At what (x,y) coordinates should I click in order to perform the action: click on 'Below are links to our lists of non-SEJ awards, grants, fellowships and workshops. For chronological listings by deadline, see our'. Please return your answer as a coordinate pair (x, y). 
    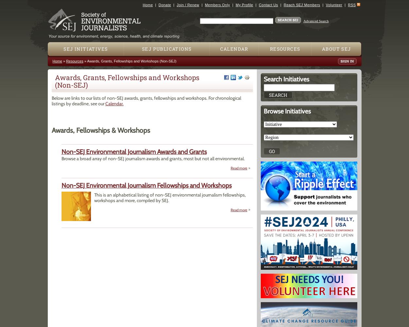
    Looking at the image, I should click on (51, 101).